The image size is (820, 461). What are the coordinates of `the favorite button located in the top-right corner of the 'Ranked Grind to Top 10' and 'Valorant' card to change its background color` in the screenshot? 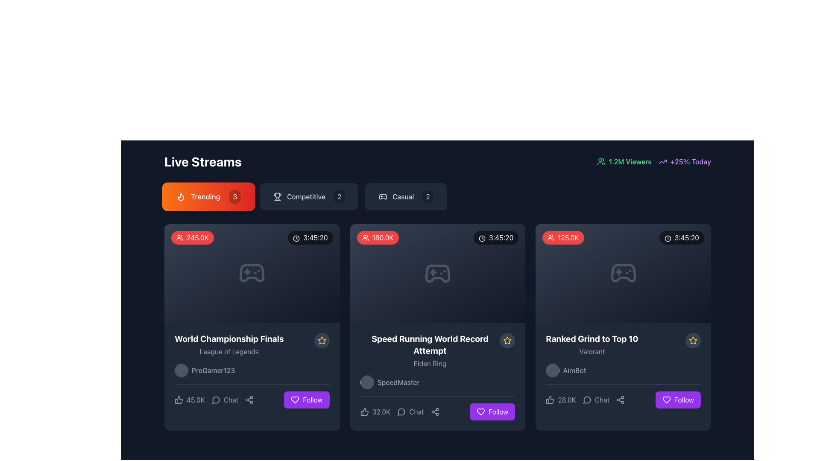 It's located at (693, 340).